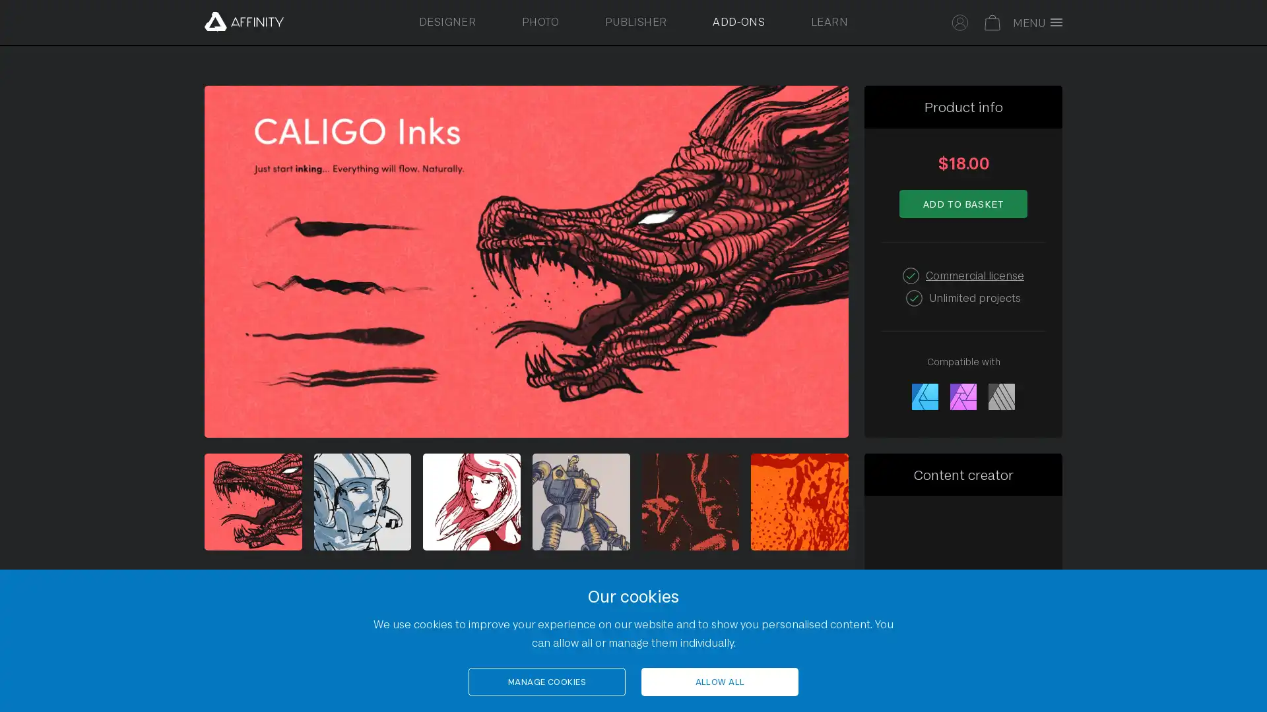 The height and width of the screenshot is (712, 1267). Describe the element at coordinates (963, 203) in the screenshot. I see `Add to basket` at that location.